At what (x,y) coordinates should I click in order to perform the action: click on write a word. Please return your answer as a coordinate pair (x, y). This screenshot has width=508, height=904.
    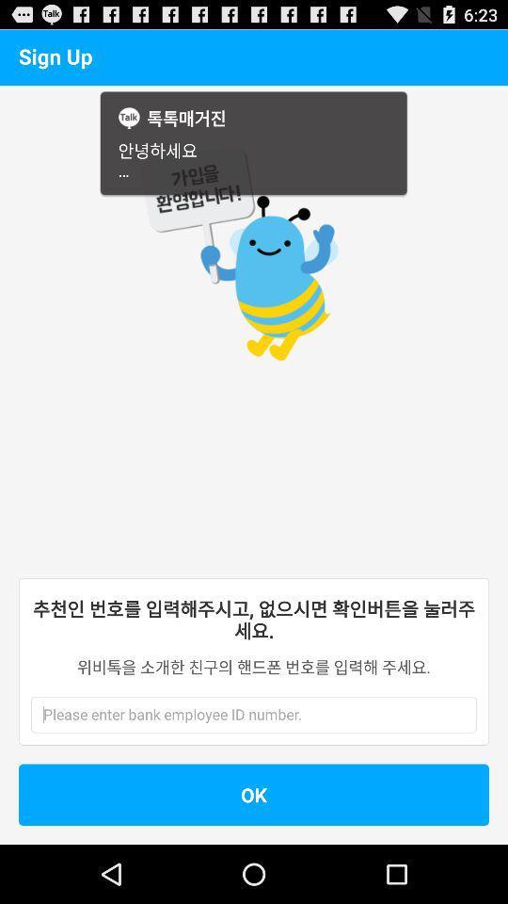
    Looking at the image, I should click on (234, 714).